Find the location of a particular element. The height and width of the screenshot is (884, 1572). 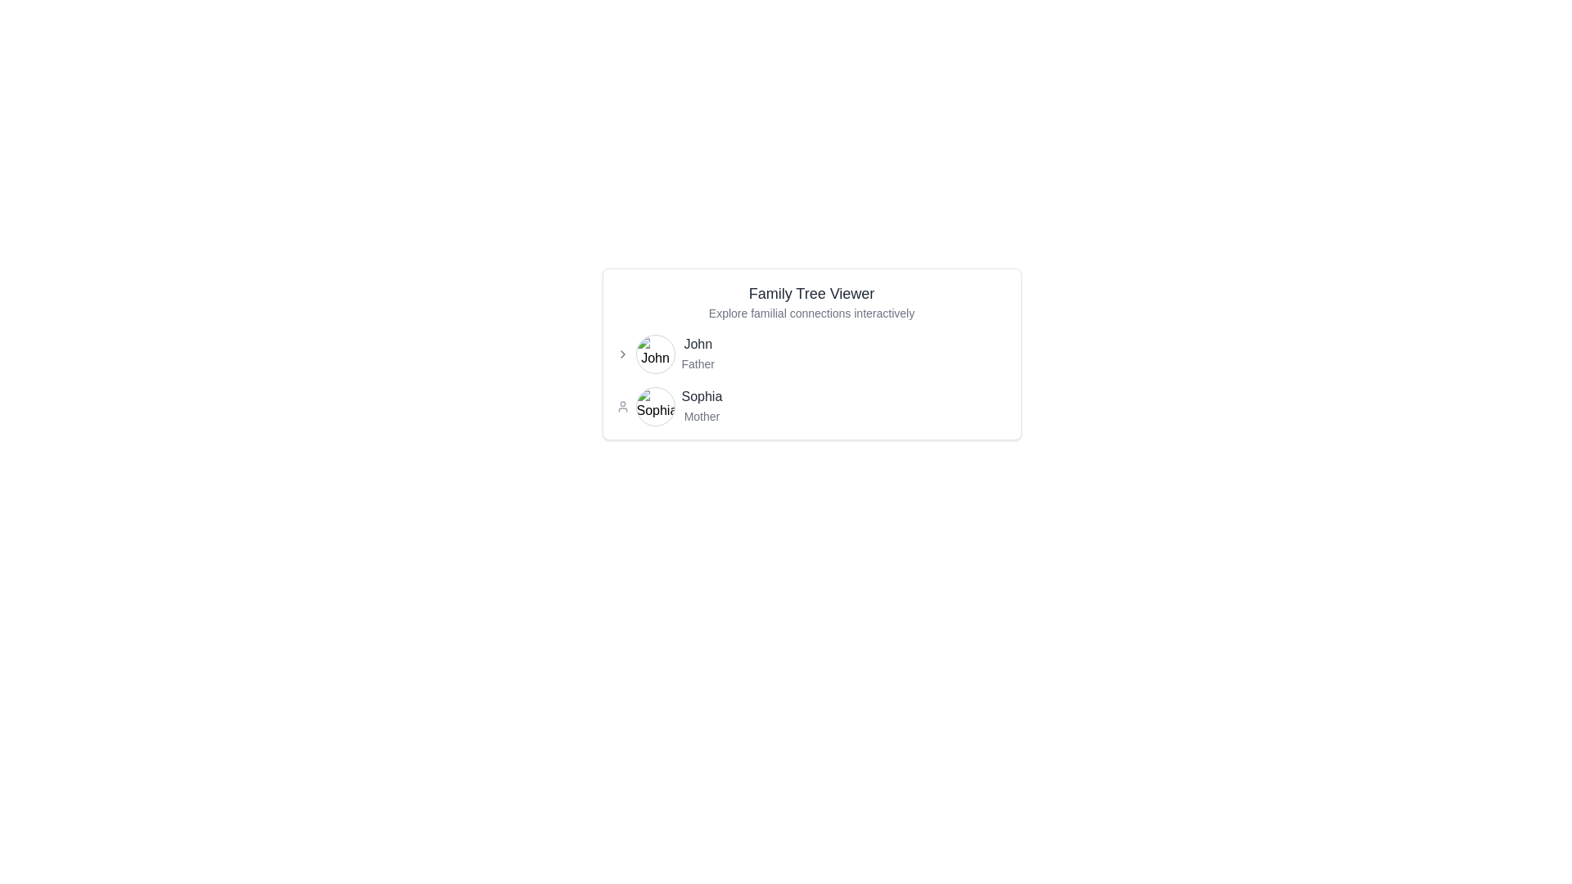

the text label displaying 'Sophia' associated with the 'Mother' entry in the family tree viewer is located at coordinates (702, 396).